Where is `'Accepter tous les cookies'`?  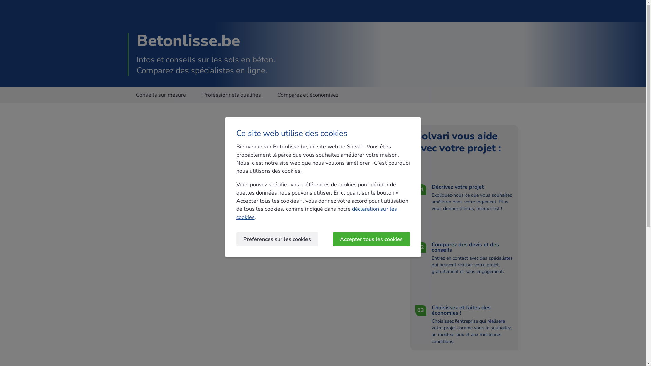
'Accepter tous les cookies' is located at coordinates (333, 239).